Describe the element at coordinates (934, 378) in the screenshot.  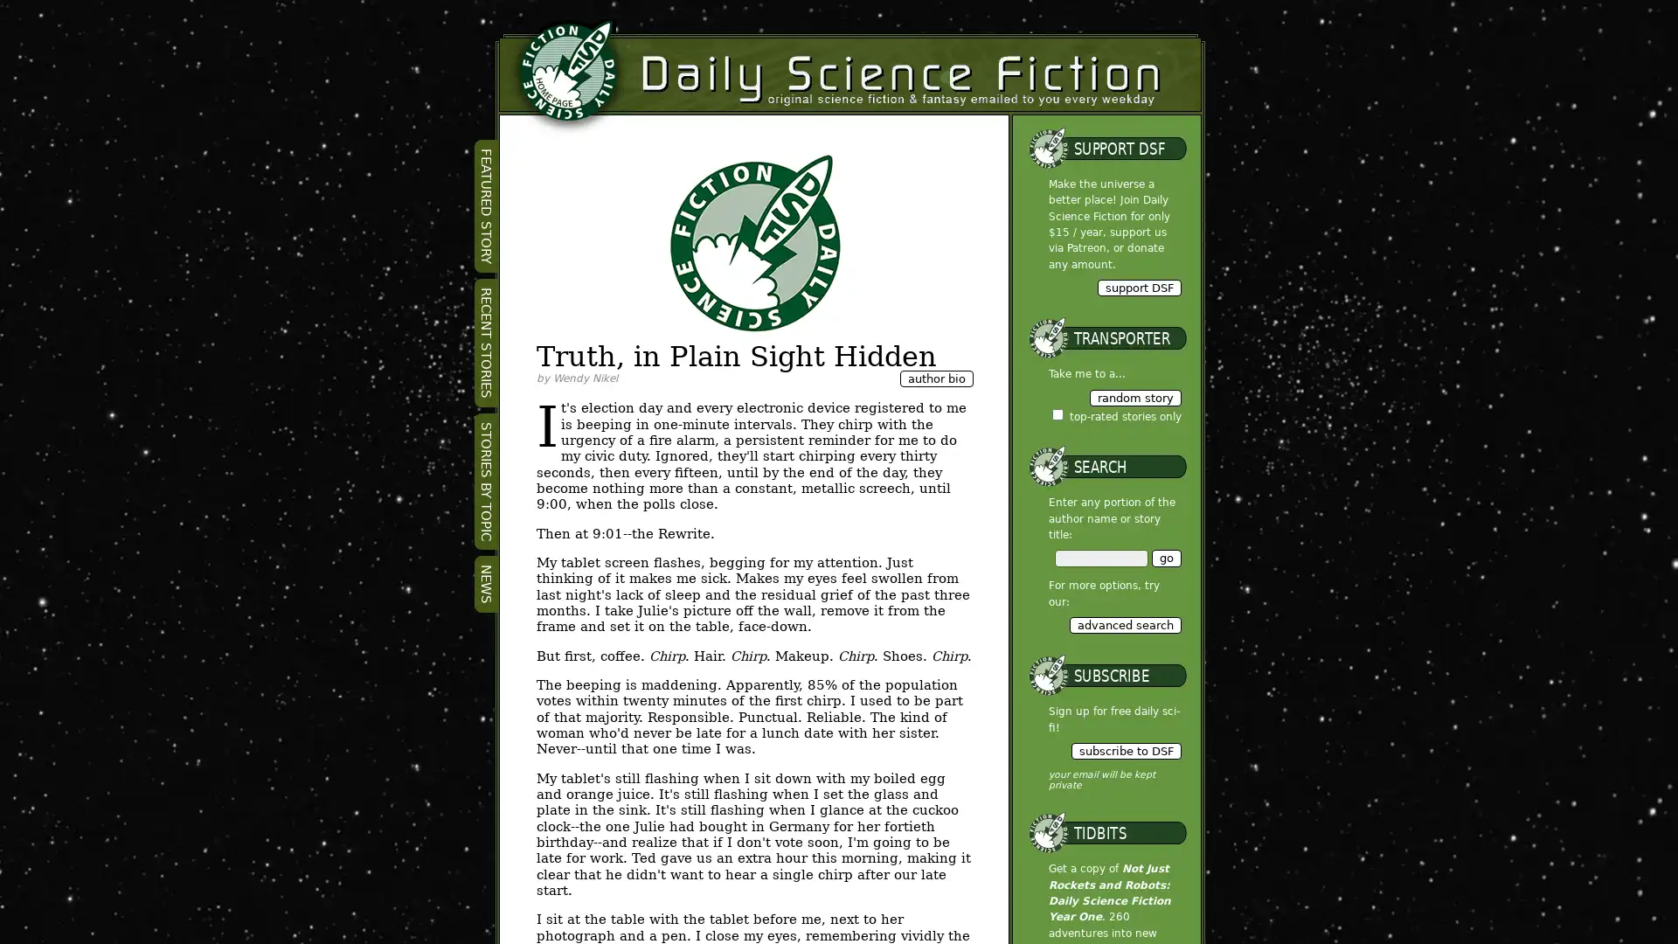
I see `author bio` at that location.